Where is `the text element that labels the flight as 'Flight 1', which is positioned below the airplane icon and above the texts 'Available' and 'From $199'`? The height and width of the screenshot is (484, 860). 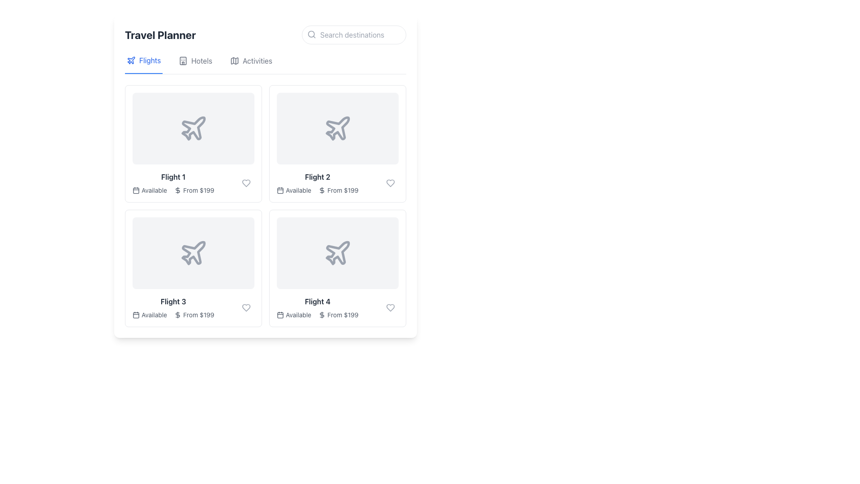
the text element that labels the flight as 'Flight 1', which is positioned below the airplane icon and above the texts 'Available' and 'From $199' is located at coordinates (173, 177).